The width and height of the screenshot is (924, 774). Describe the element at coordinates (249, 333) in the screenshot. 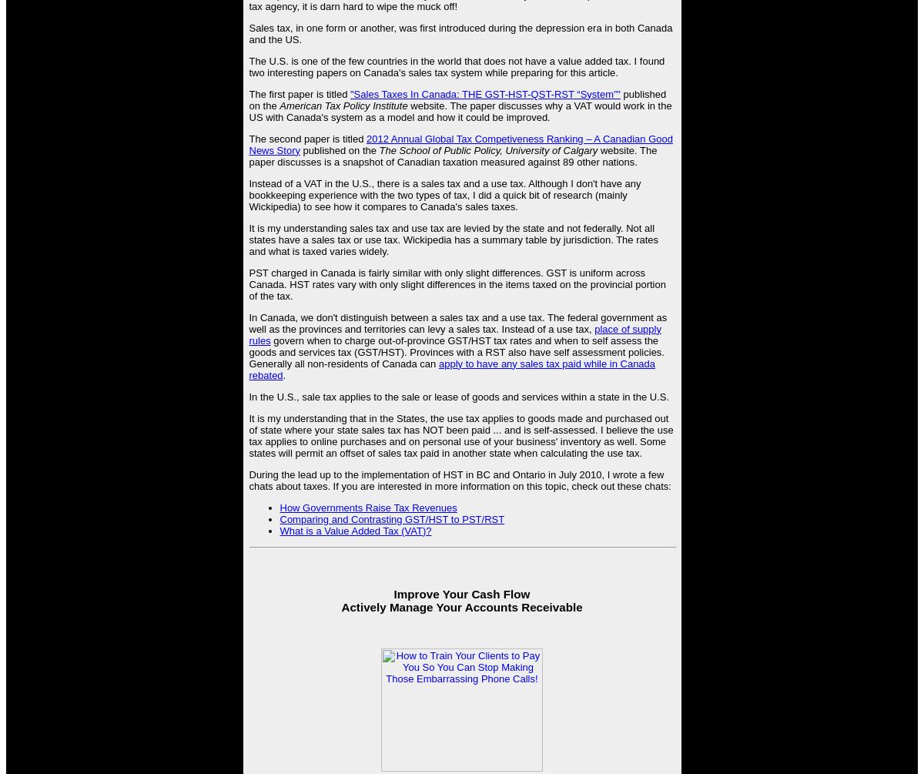

I see `'place of supply rules'` at that location.